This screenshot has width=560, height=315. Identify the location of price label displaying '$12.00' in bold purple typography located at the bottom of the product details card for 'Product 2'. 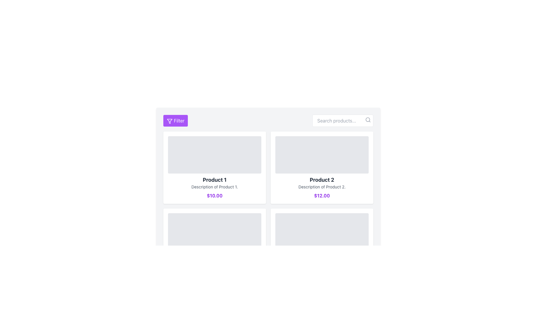
(322, 196).